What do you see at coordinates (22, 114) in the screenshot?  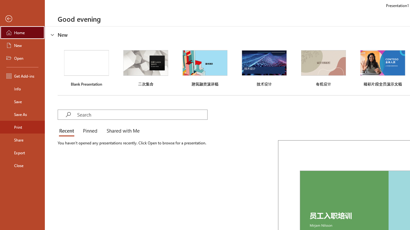 I see `'Save As'` at bounding box center [22, 114].